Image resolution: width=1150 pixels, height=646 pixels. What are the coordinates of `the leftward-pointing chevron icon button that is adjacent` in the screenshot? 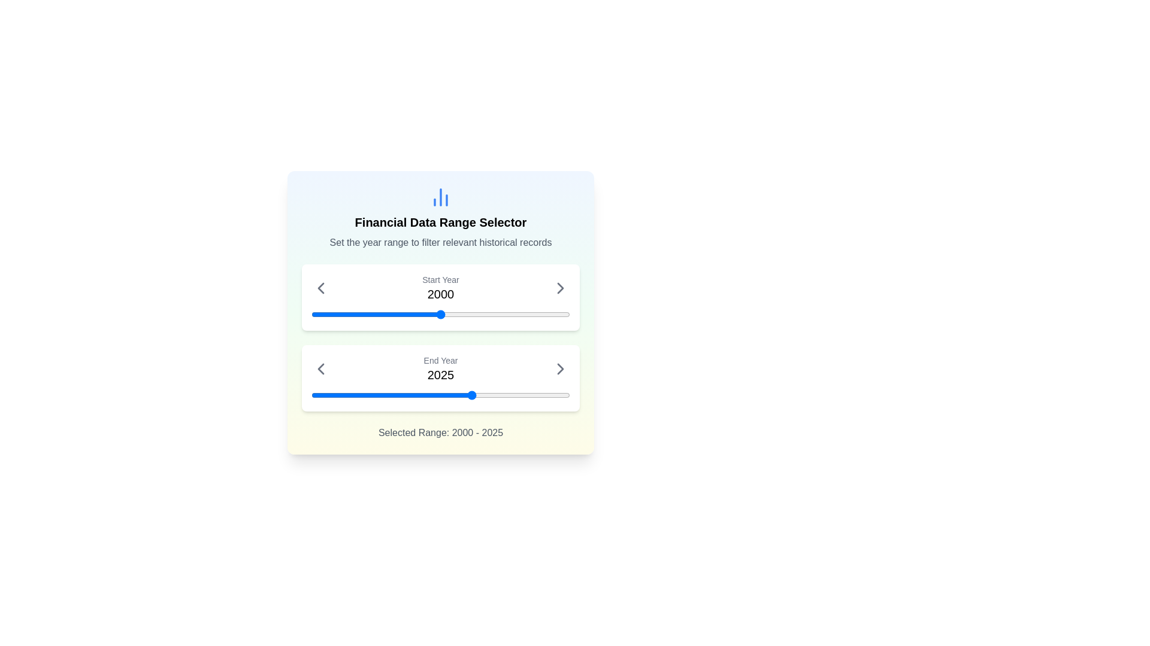 It's located at (321, 288).